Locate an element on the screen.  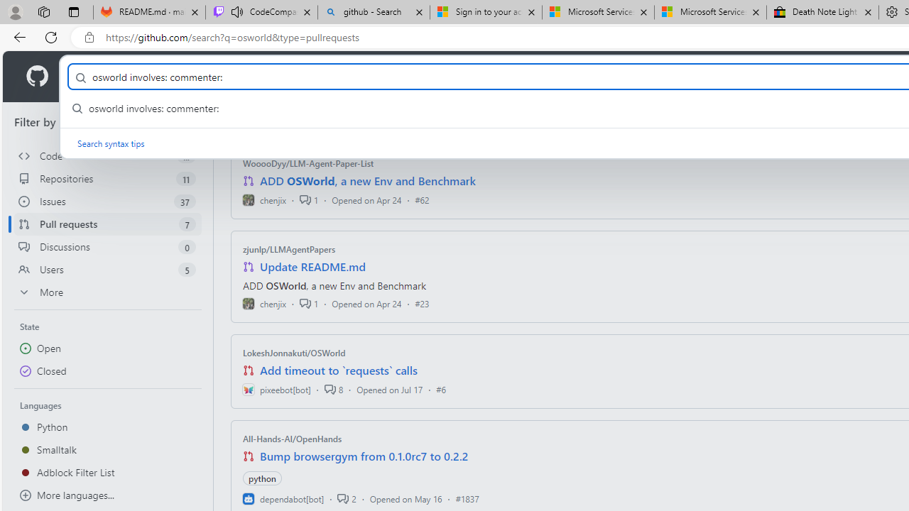
'#62' is located at coordinates (421, 199).